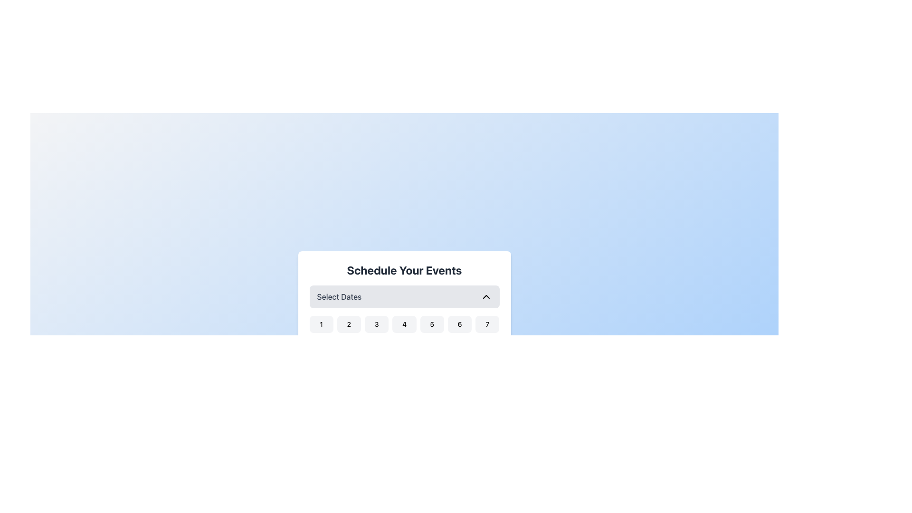  What do you see at coordinates (460, 324) in the screenshot?
I see `the date selection button labeled '6'` at bounding box center [460, 324].